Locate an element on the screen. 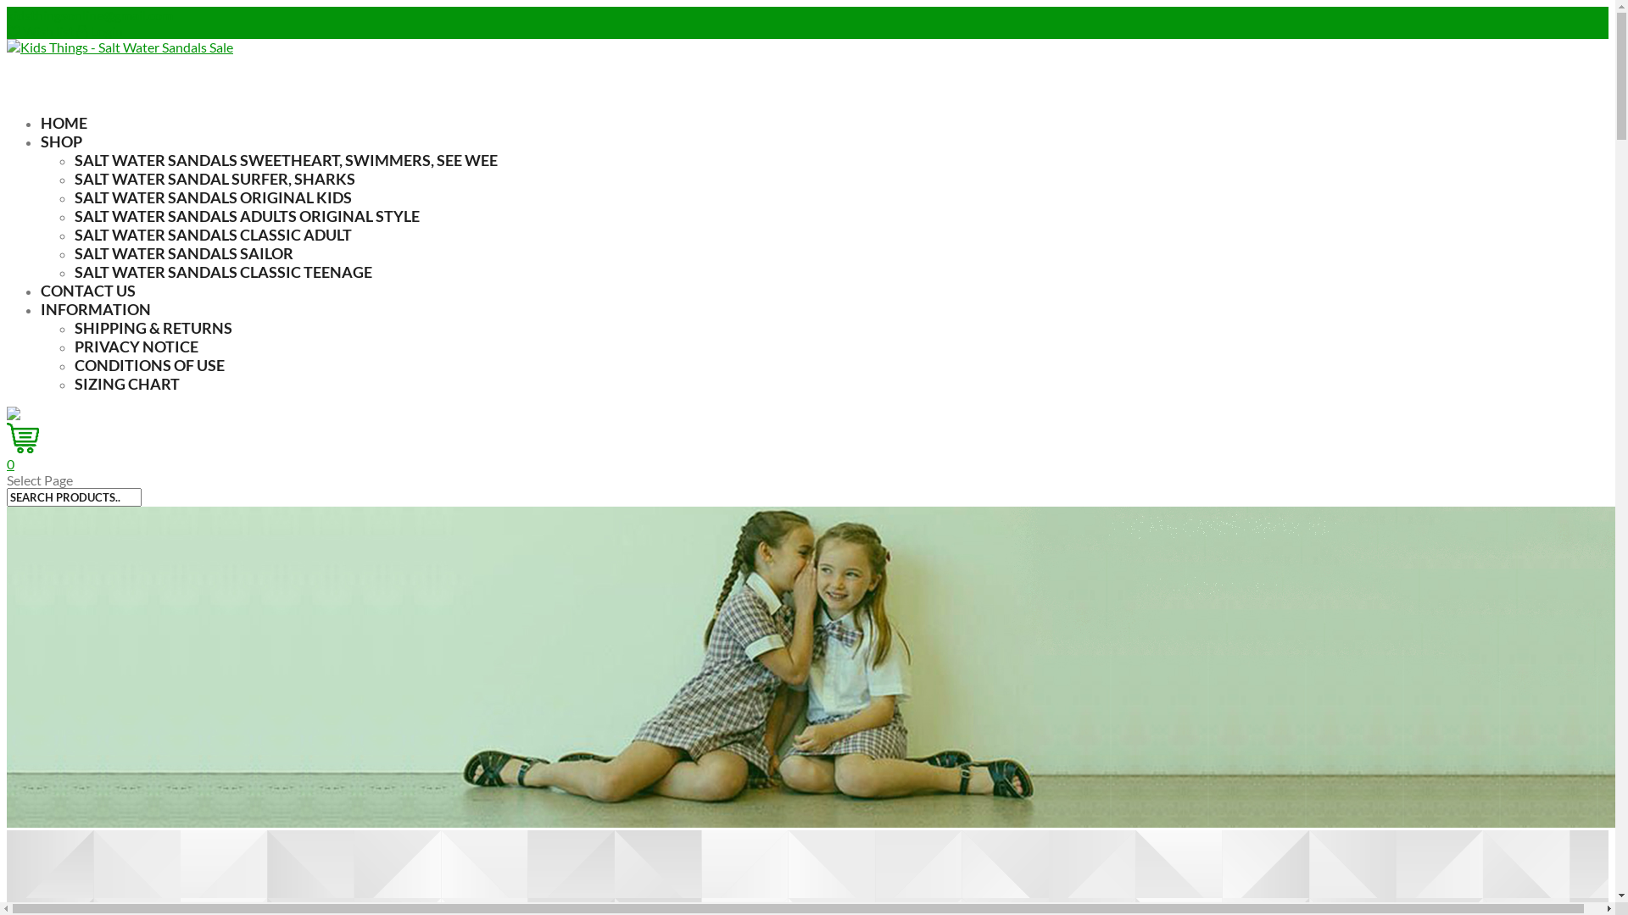 Image resolution: width=1628 pixels, height=915 pixels. 'INFORMATION' is located at coordinates (95, 309).